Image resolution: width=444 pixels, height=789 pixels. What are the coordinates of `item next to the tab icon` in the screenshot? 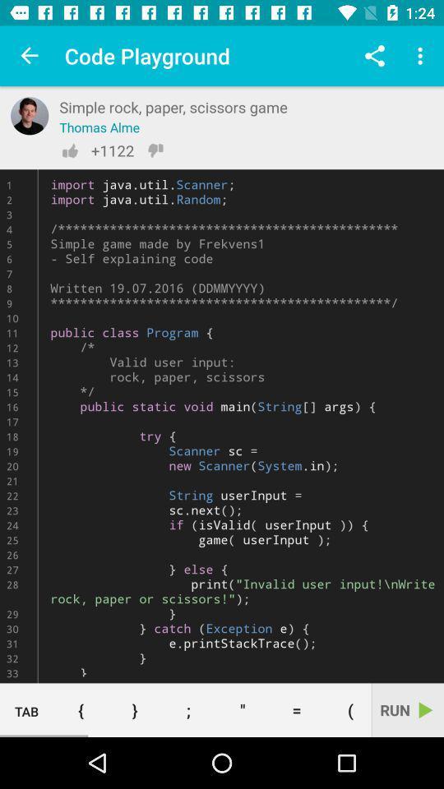 It's located at (80, 709).